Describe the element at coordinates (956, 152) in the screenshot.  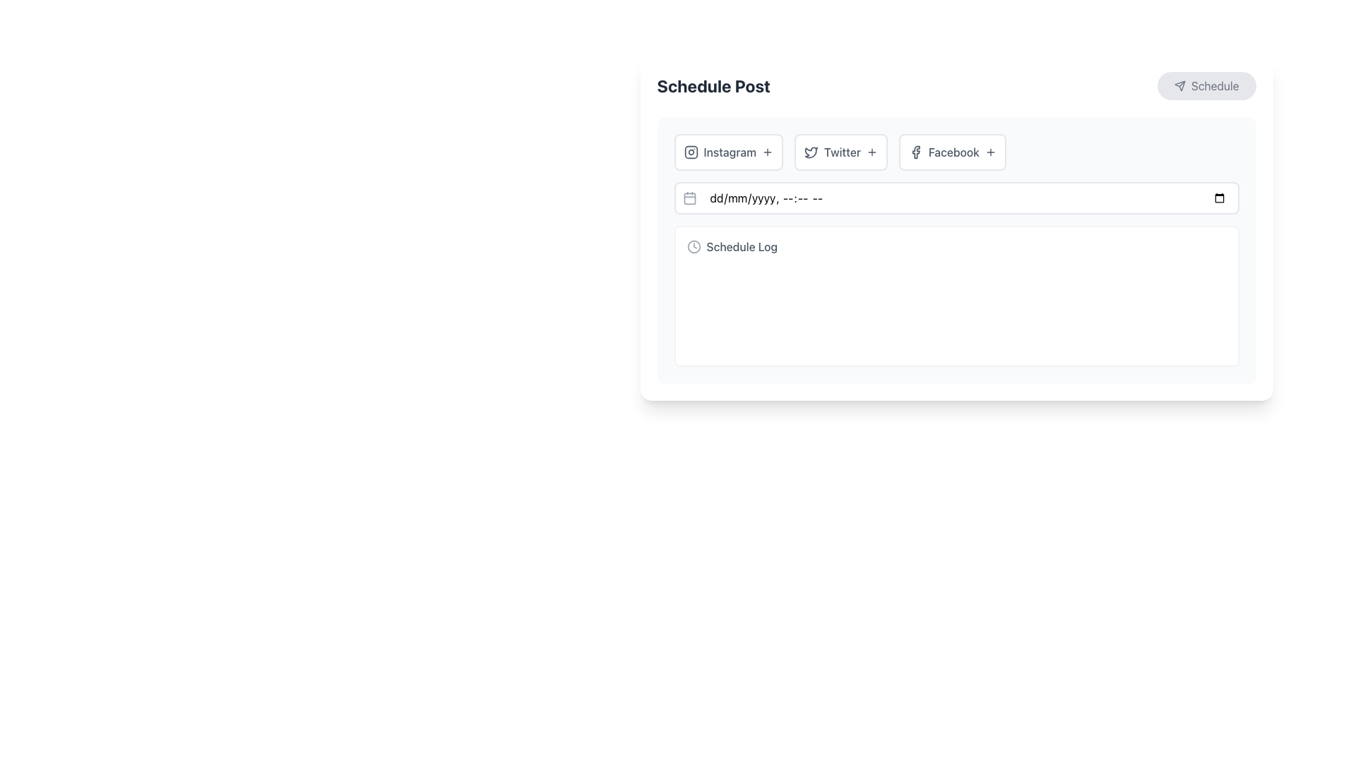
I see `keyboard navigation` at that location.